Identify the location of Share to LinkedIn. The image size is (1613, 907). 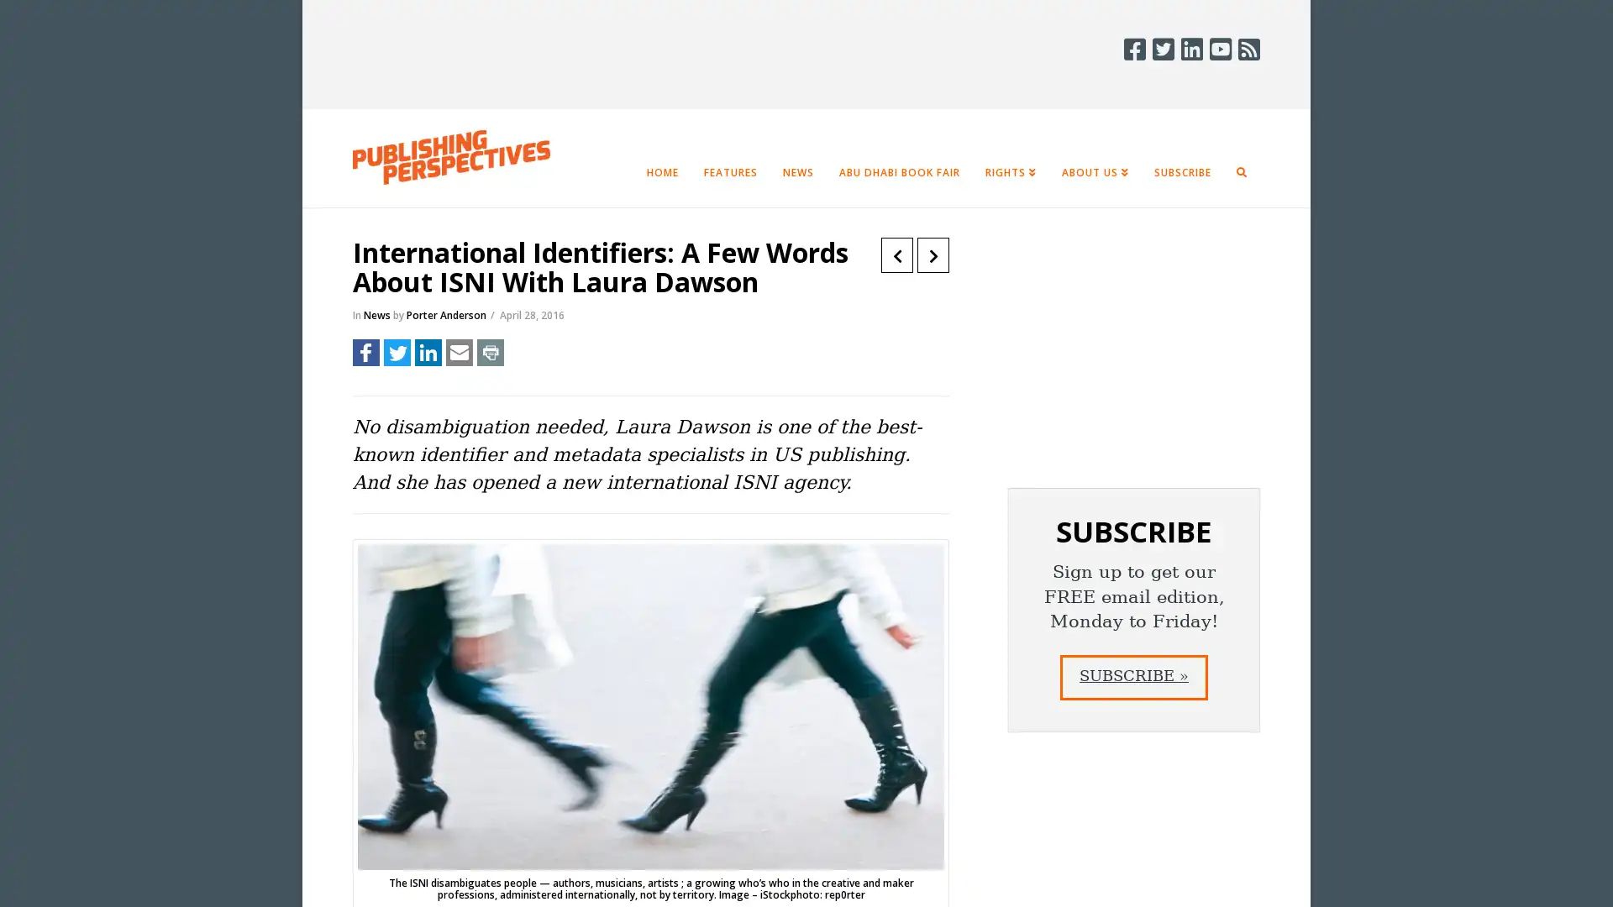
(428, 352).